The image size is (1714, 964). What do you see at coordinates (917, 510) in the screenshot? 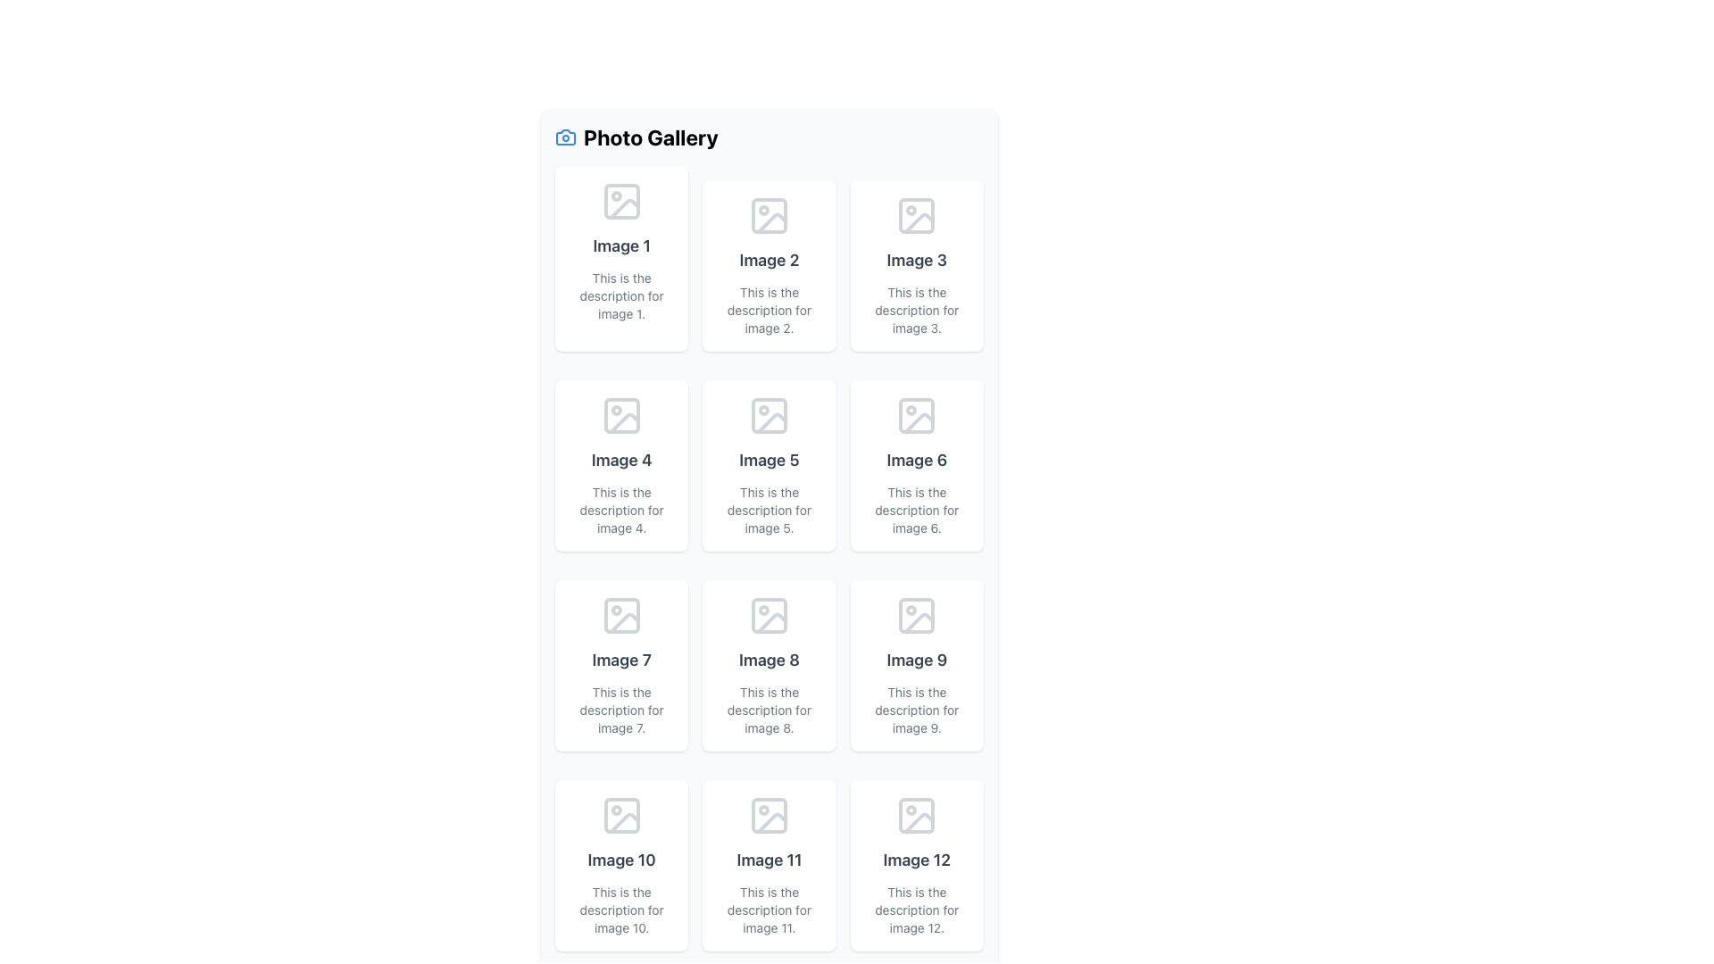
I see `text element that displays 'This is the description for image 6.' which is located at the bottom of the 'Image 6' component in the photo gallery layout` at bounding box center [917, 510].